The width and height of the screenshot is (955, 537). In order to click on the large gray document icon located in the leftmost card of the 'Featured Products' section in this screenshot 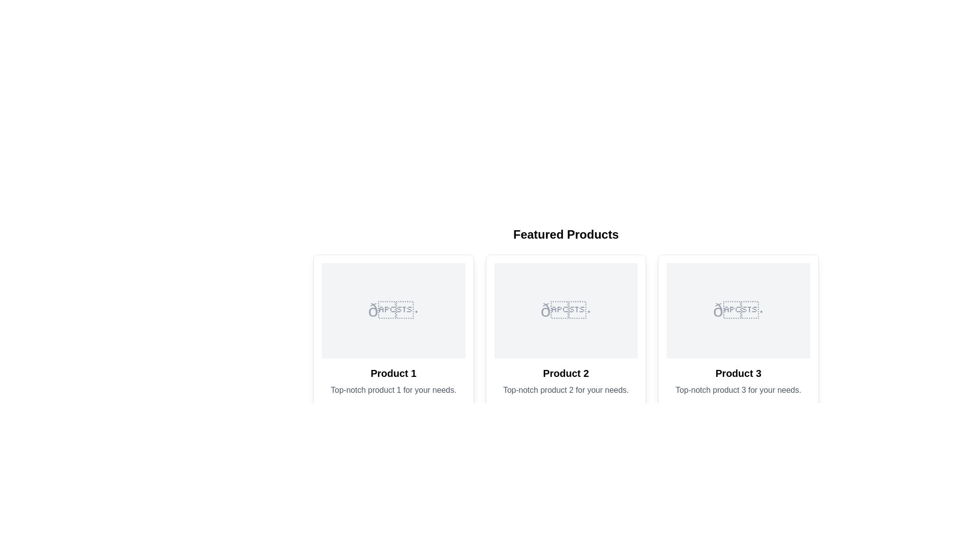, I will do `click(393, 310)`.